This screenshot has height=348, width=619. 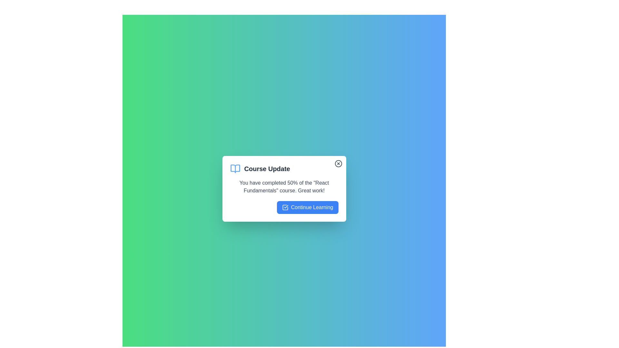 What do you see at coordinates (285, 208) in the screenshot?
I see `the decorative or functional icon located on the left side of the blue 'Continue Learning' button, which precedes the button's text label` at bounding box center [285, 208].